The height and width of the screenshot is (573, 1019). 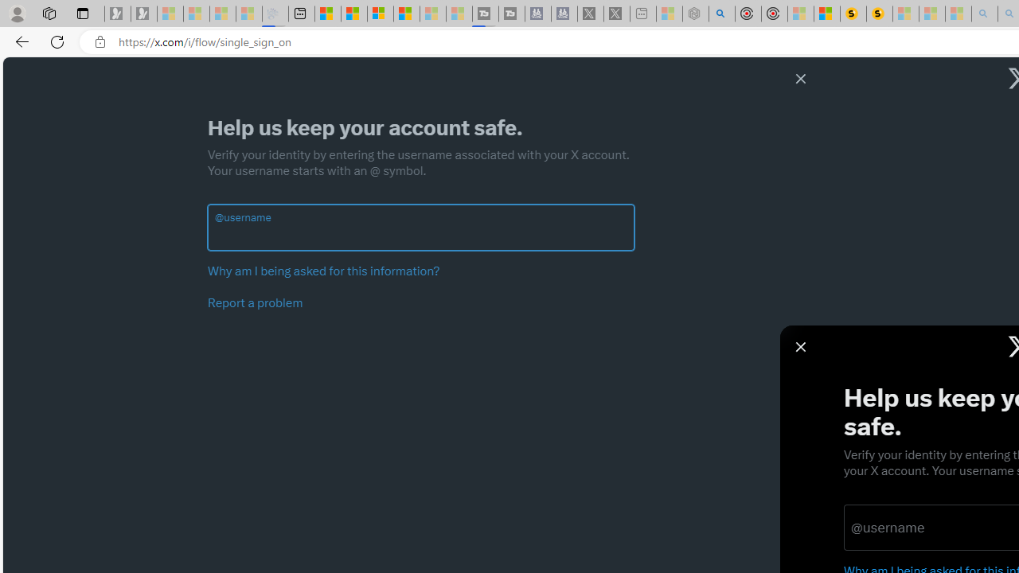 I want to click on 'Newsletter Sign Up - Sleeping', so click(x=144, y=14).